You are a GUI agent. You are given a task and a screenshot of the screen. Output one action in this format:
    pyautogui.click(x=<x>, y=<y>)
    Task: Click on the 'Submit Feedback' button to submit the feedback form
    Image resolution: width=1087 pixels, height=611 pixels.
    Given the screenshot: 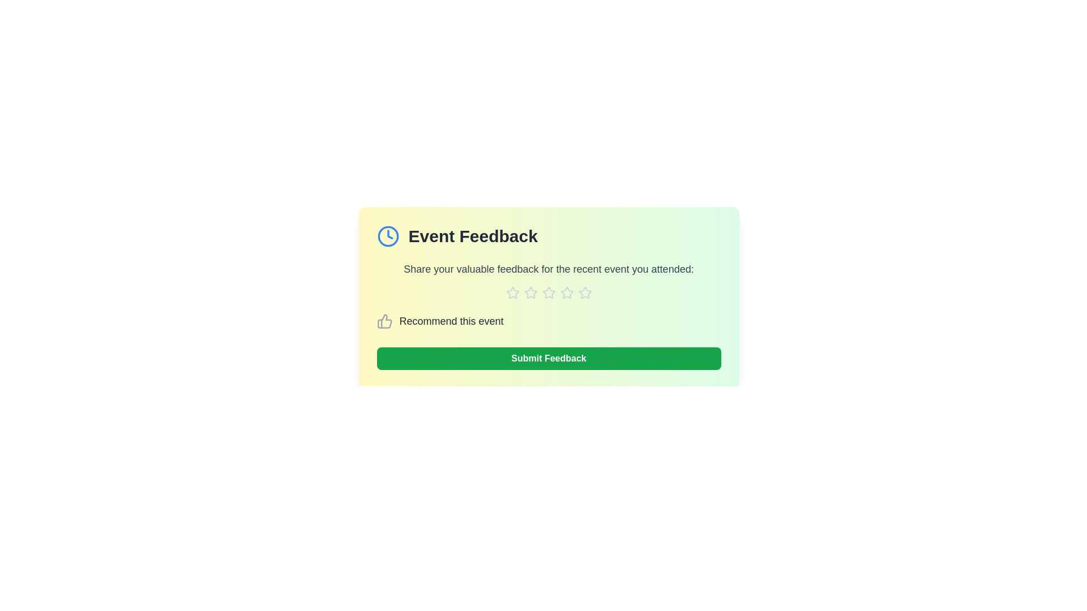 What is the action you would take?
    pyautogui.click(x=549, y=358)
    